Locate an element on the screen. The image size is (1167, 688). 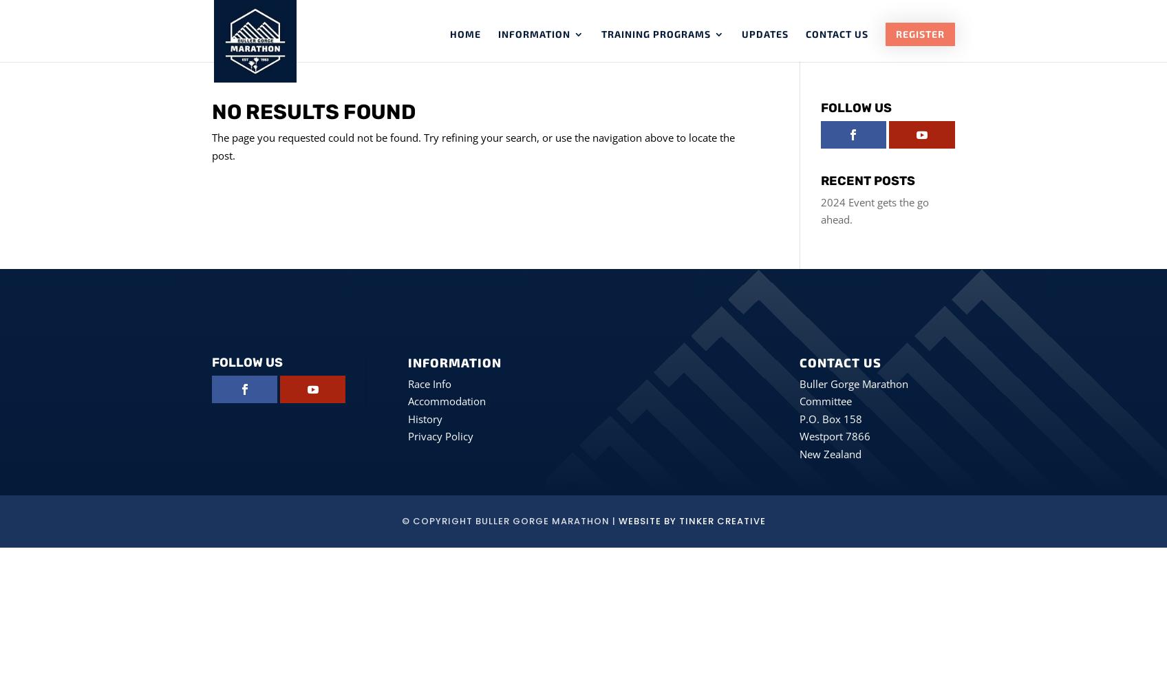
'Results' is located at coordinates (547, 173).